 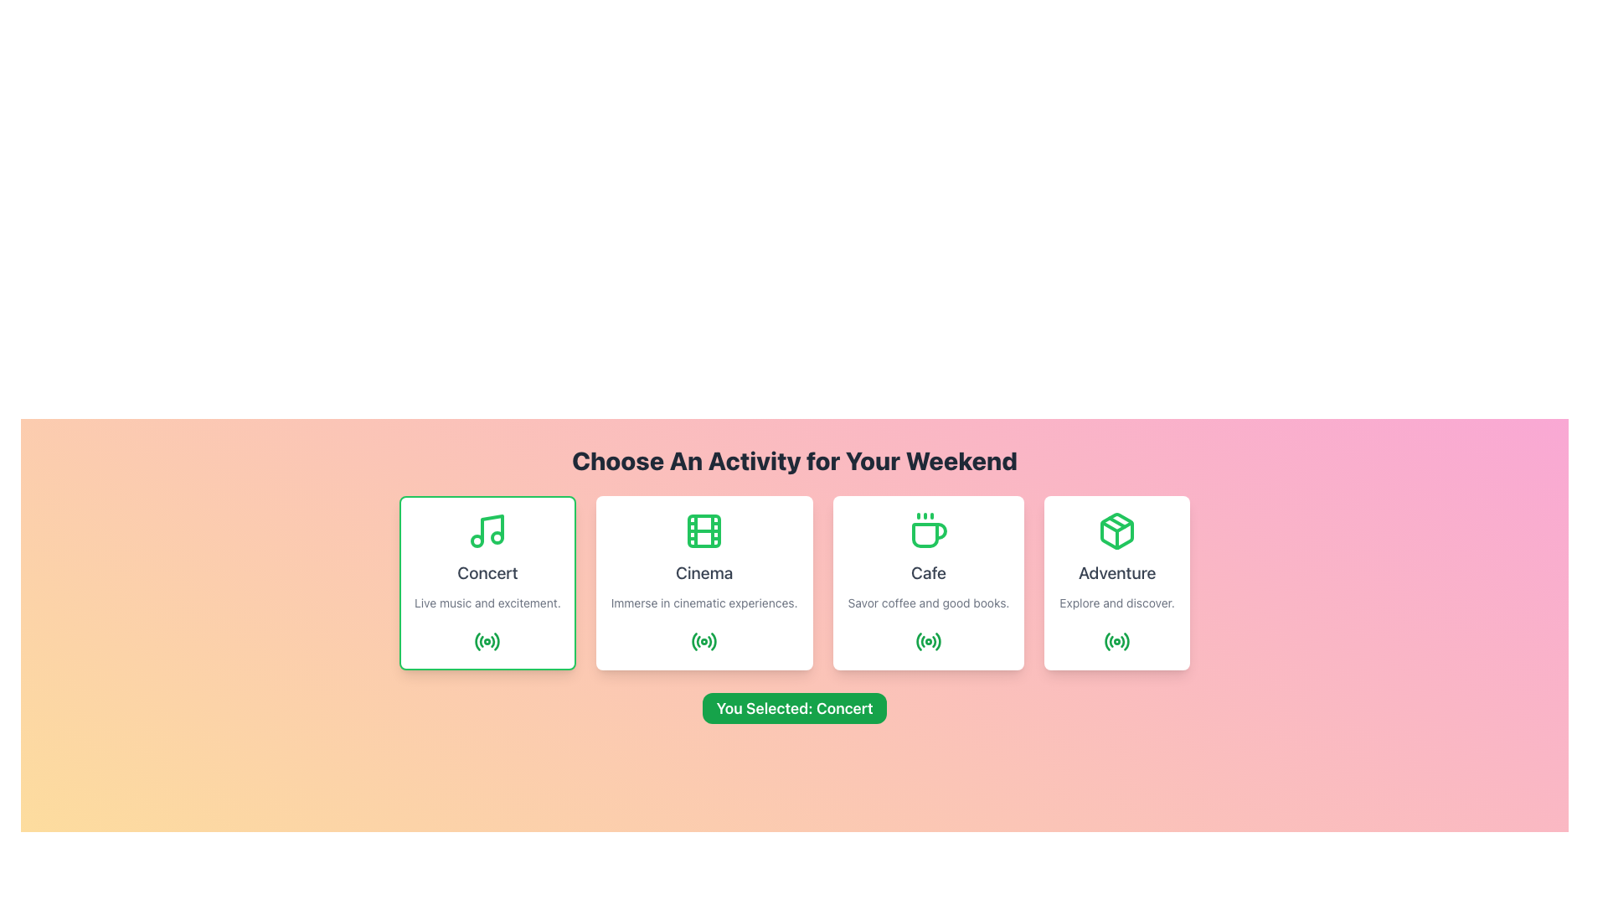 What do you see at coordinates (794, 708) in the screenshot?
I see `the text label confirming the user's selection of the 'Concert' option, located at the bottom of the interface, horizontally centered` at bounding box center [794, 708].